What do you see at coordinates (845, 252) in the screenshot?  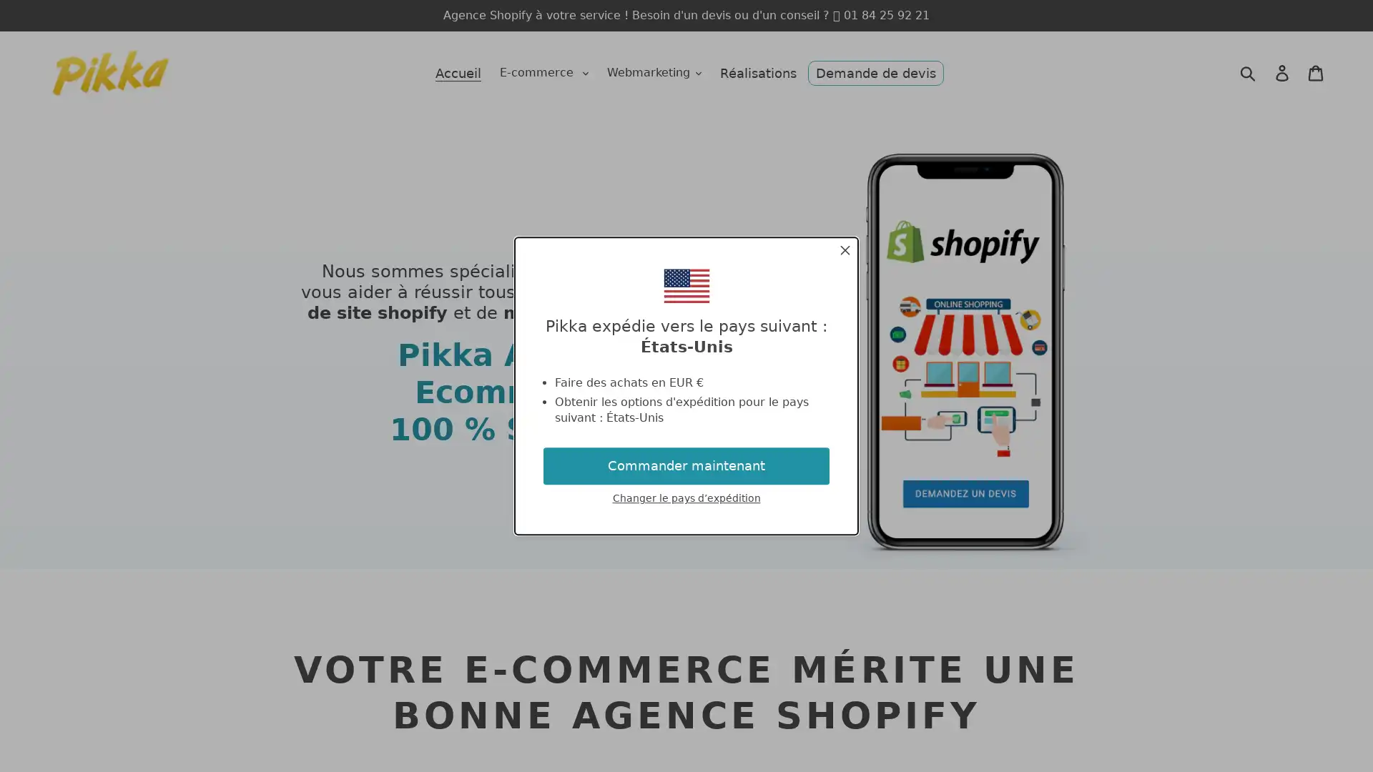 I see `Dismiss` at bounding box center [845, 252].